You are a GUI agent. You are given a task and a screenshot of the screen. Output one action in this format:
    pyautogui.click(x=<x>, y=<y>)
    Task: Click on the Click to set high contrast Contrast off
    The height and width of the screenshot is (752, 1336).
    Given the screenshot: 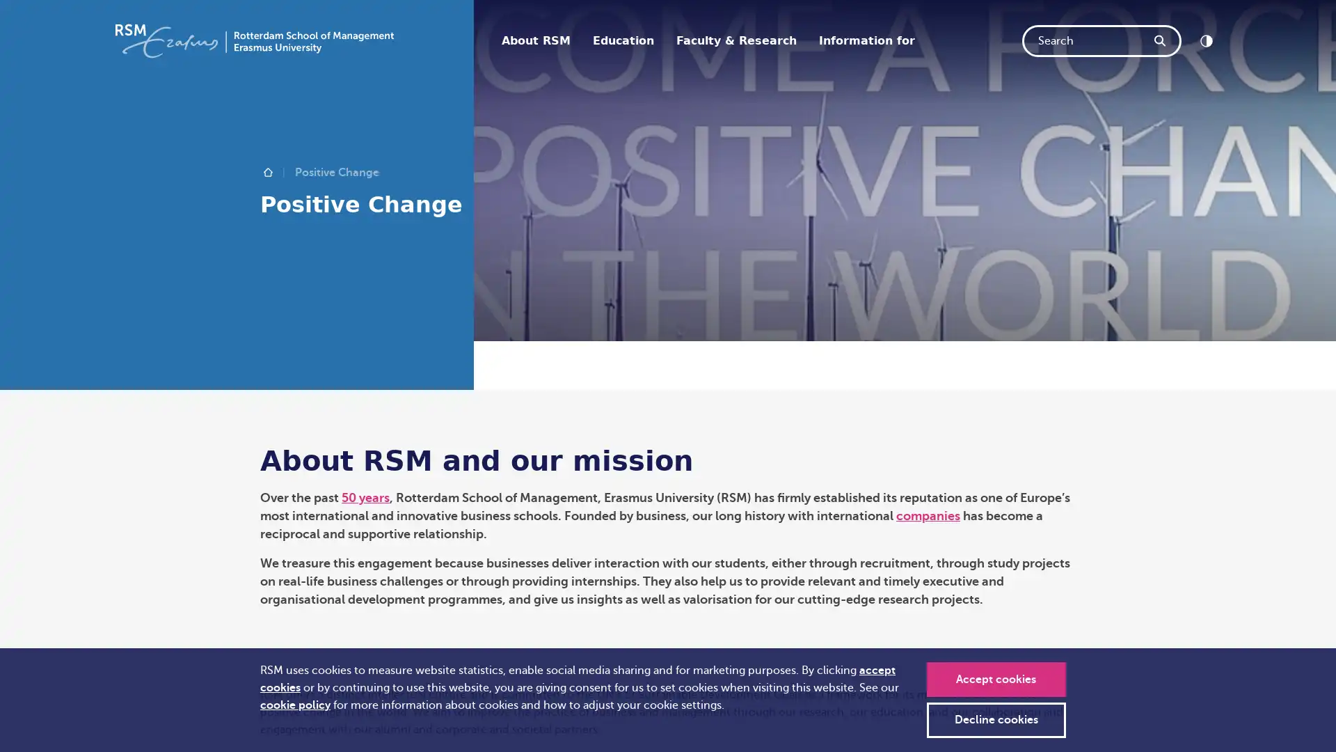 What is the action you would take?
    pyautogui.click(x=1205, y=40)
    